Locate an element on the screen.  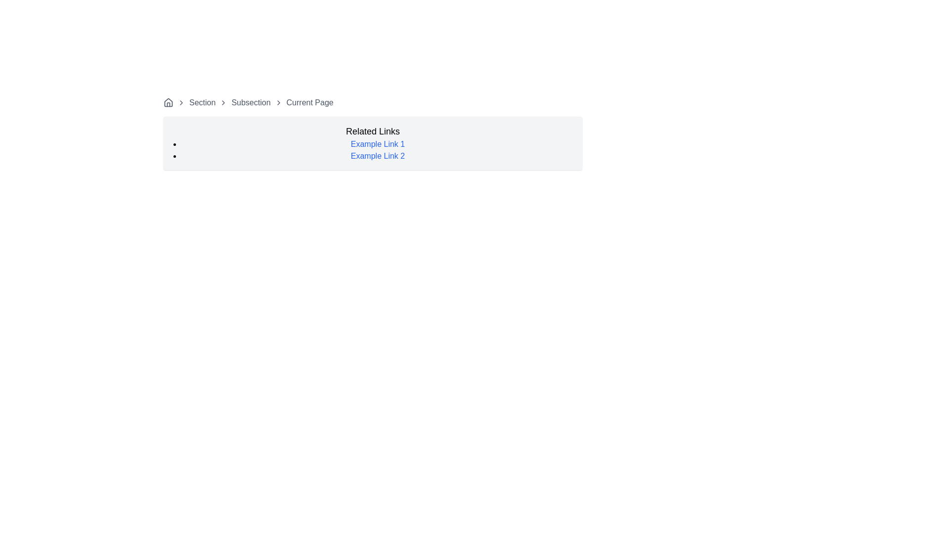
the hyperlink labeled 'Example Link 2' is located at coordinates (377, 156).